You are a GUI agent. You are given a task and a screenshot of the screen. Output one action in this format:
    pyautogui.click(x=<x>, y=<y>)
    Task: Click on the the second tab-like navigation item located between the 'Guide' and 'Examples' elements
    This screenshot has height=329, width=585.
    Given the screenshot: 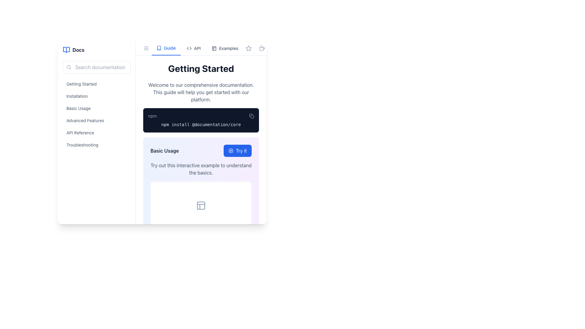 What is the action you would take?
    pyautogui.click(x=193, y=48)
    